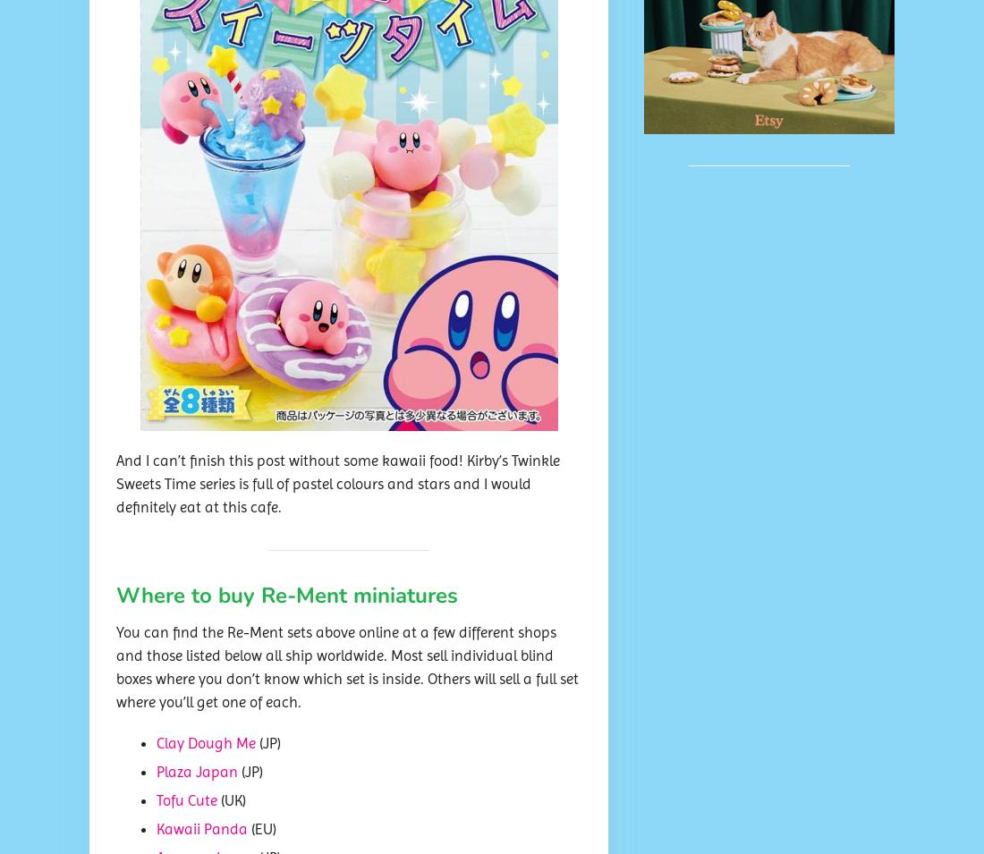  Describe the element at coordinates (156, 800) in the screenshot. I see `'Tofu Cute'` at that location.